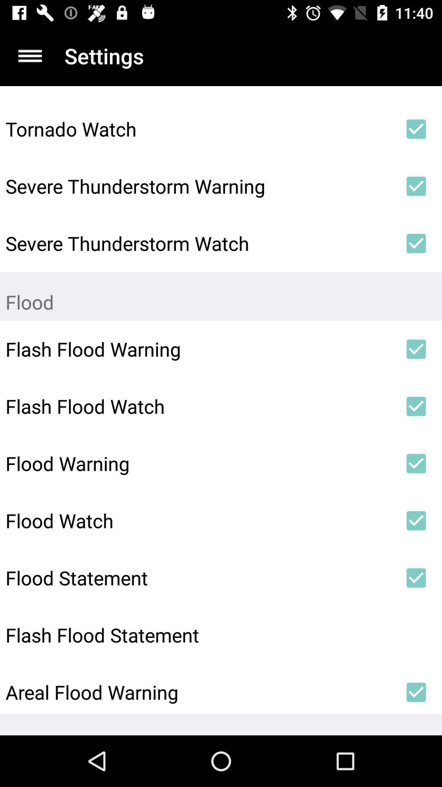 The image size is (442, 787). I want to click on icon above the tornado watch icon, so click(29, 55).